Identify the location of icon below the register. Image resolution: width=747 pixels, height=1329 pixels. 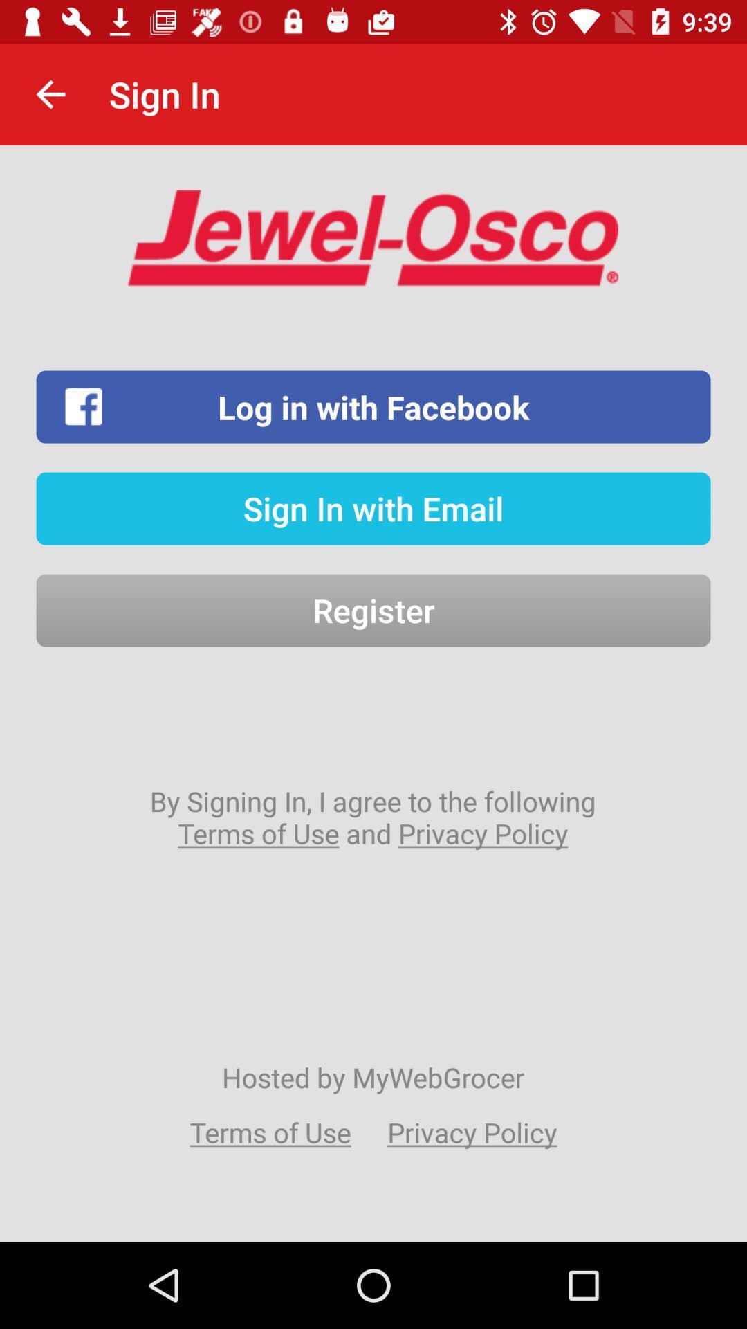
(372, 817).